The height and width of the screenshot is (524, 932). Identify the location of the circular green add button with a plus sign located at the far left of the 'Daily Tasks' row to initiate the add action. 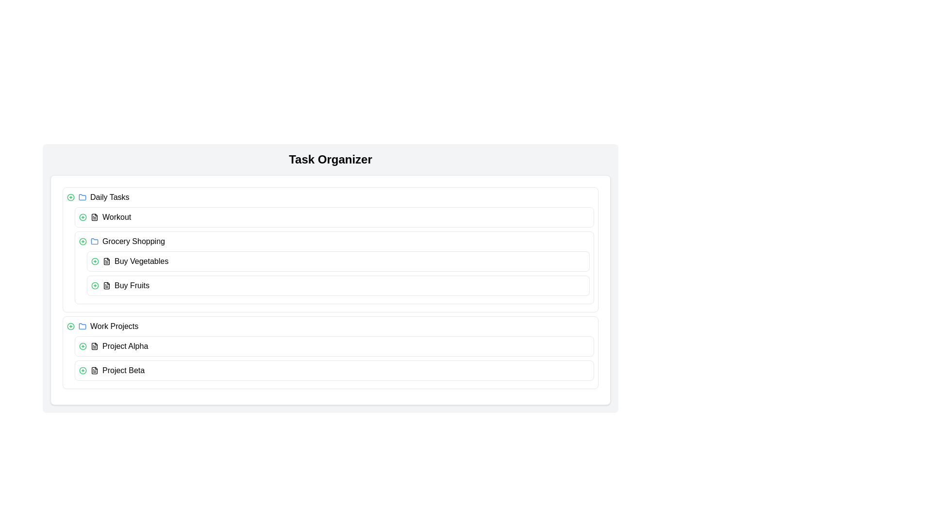
(70, 197).